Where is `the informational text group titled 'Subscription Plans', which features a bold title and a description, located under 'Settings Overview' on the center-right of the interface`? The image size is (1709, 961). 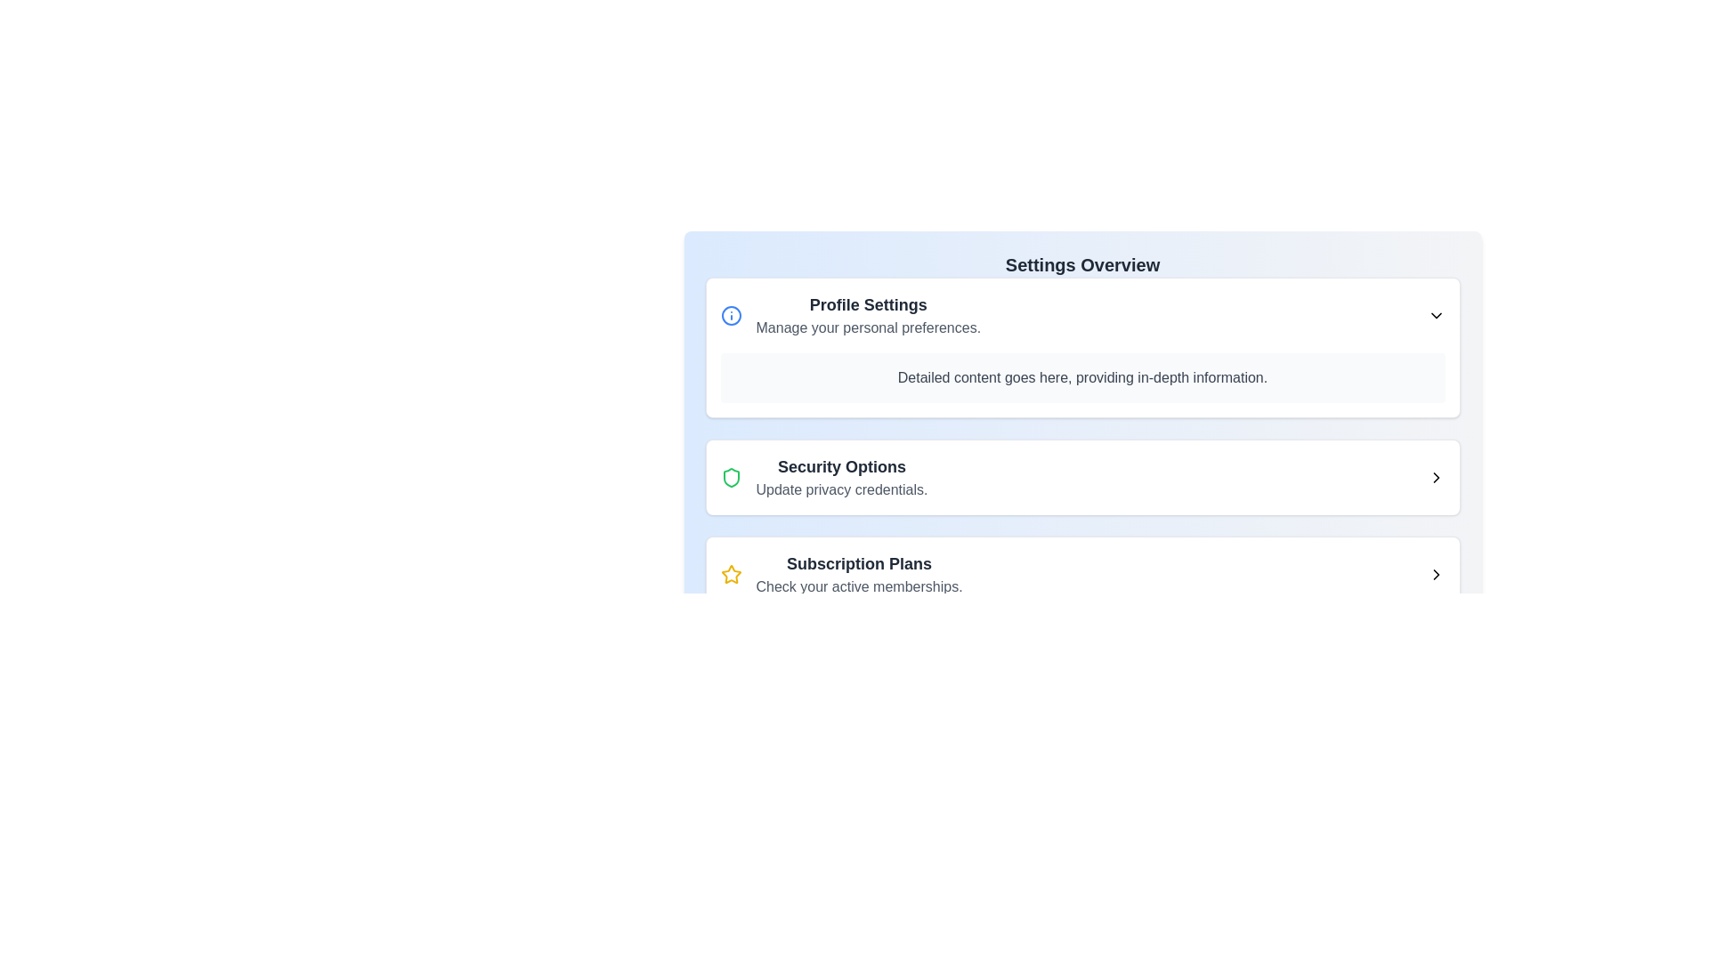
the informational text group titled 'Subscription Plans', which features a bold title and a description, located under 'Settings Overview' on the center-right of the interface is located at coordinates (859, 574).